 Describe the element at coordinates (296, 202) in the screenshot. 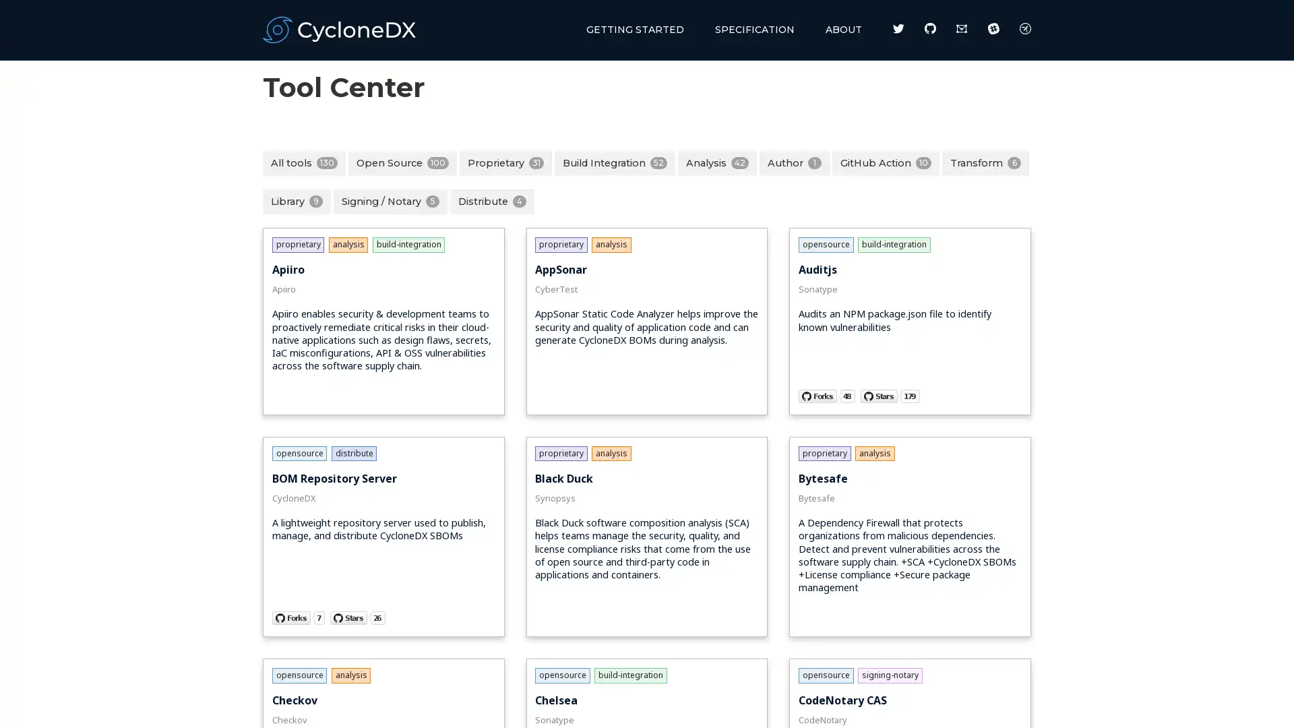

I see `Library 9` at that location.